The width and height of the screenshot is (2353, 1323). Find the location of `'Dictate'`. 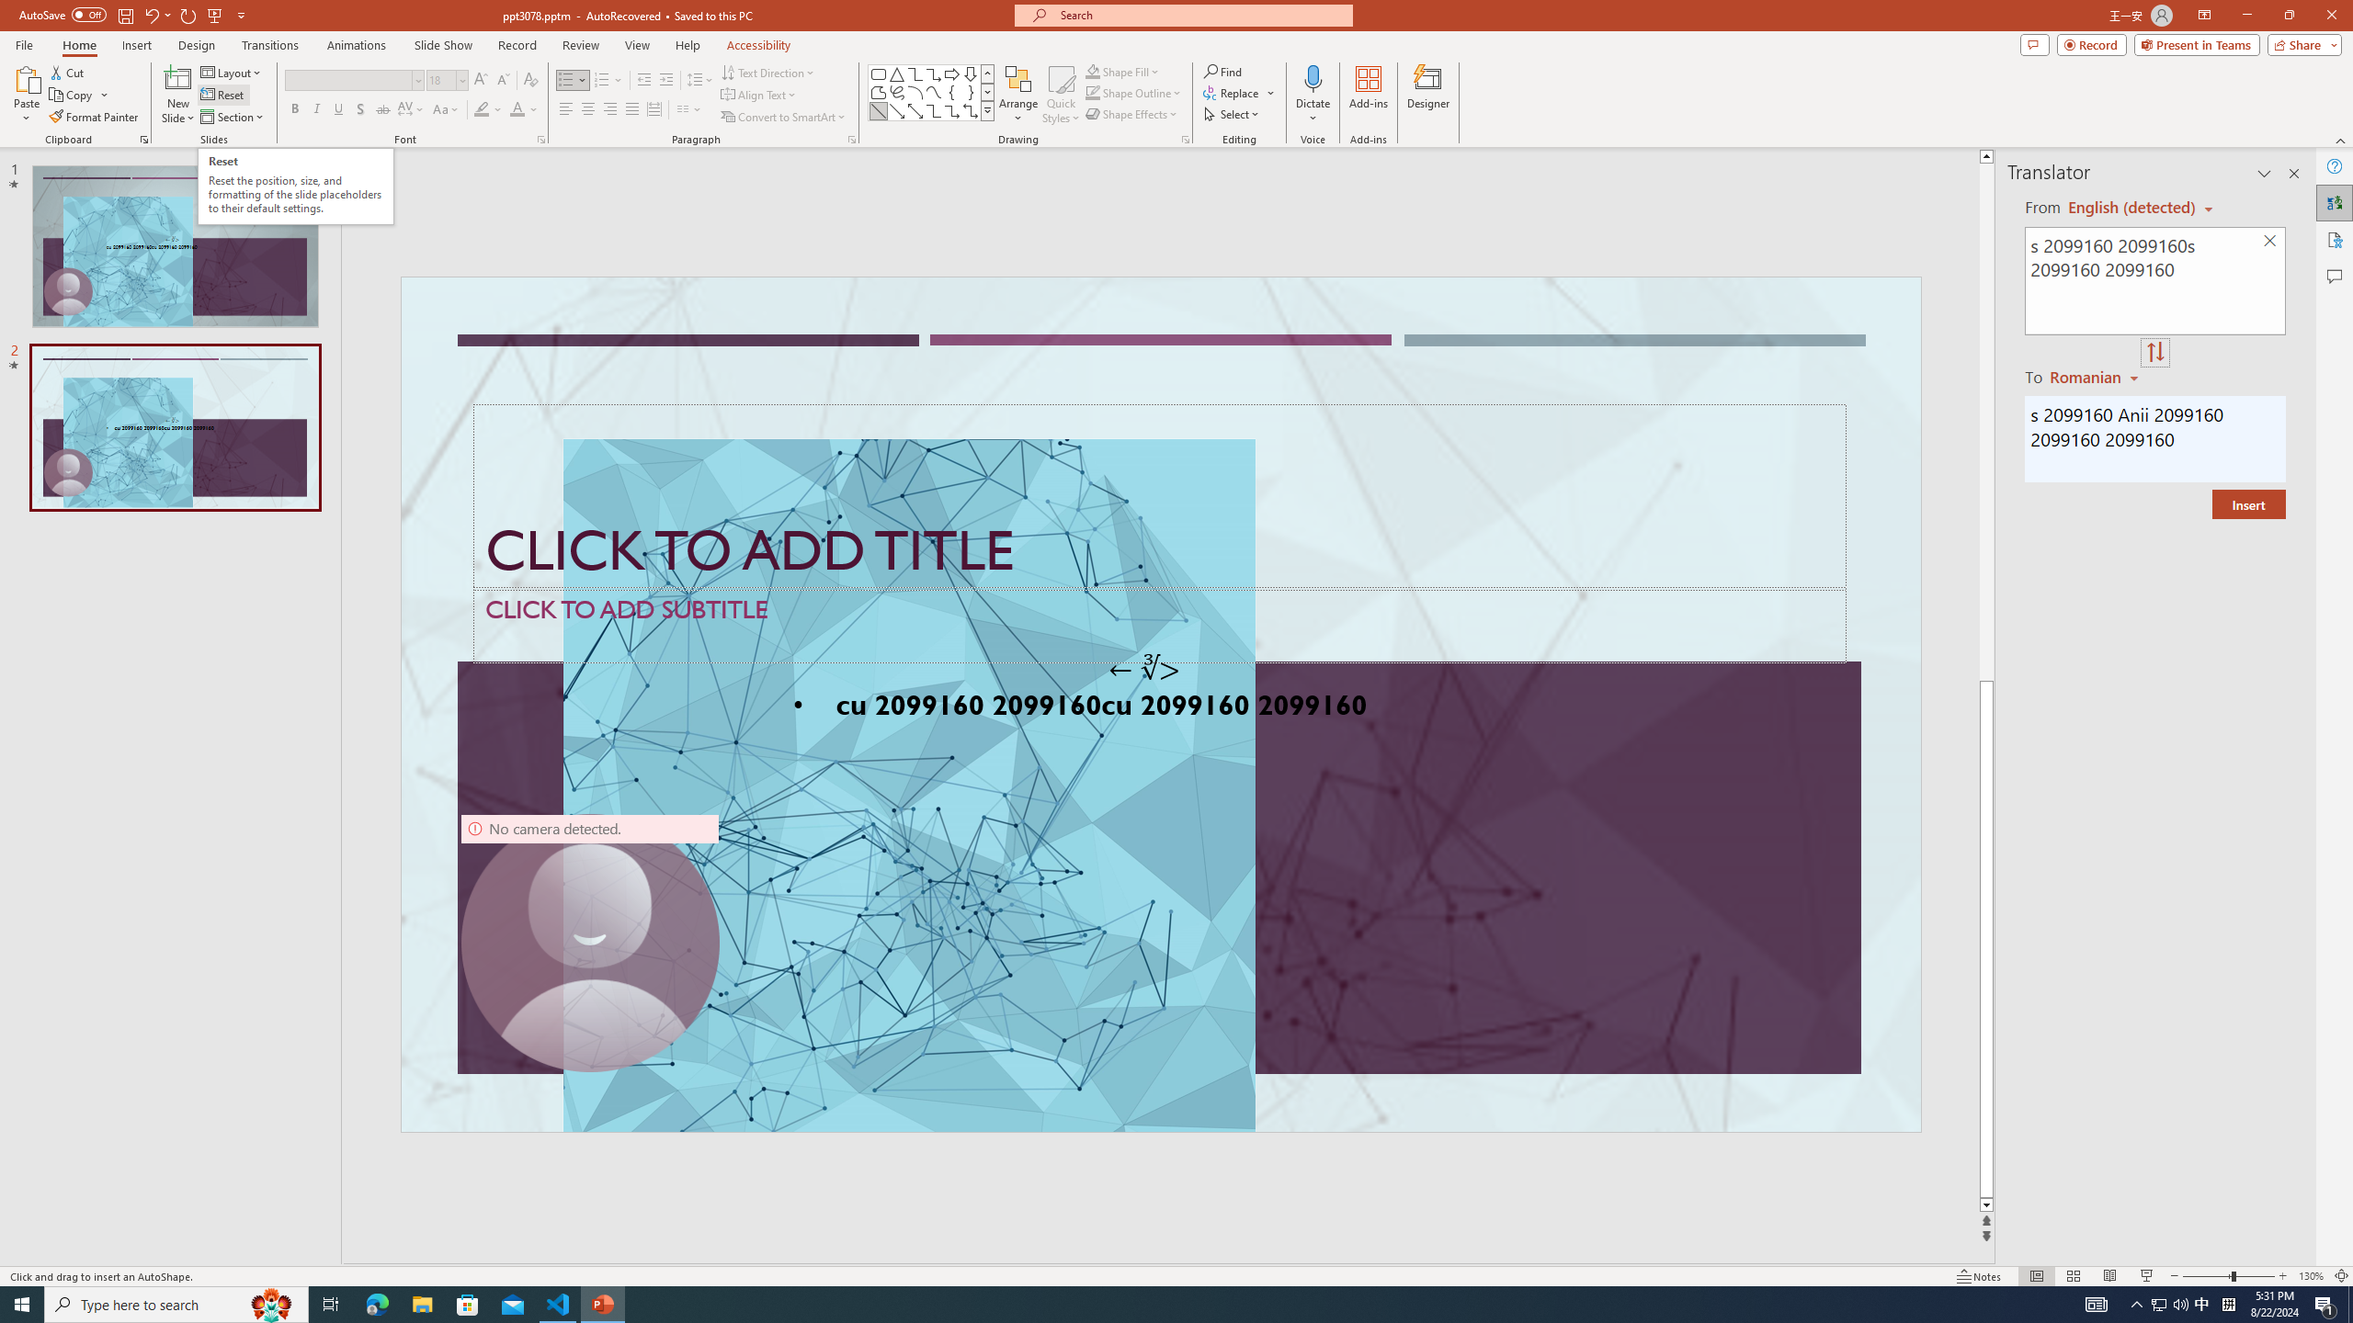

'Dictate' is located at coordinates (1312, 95).